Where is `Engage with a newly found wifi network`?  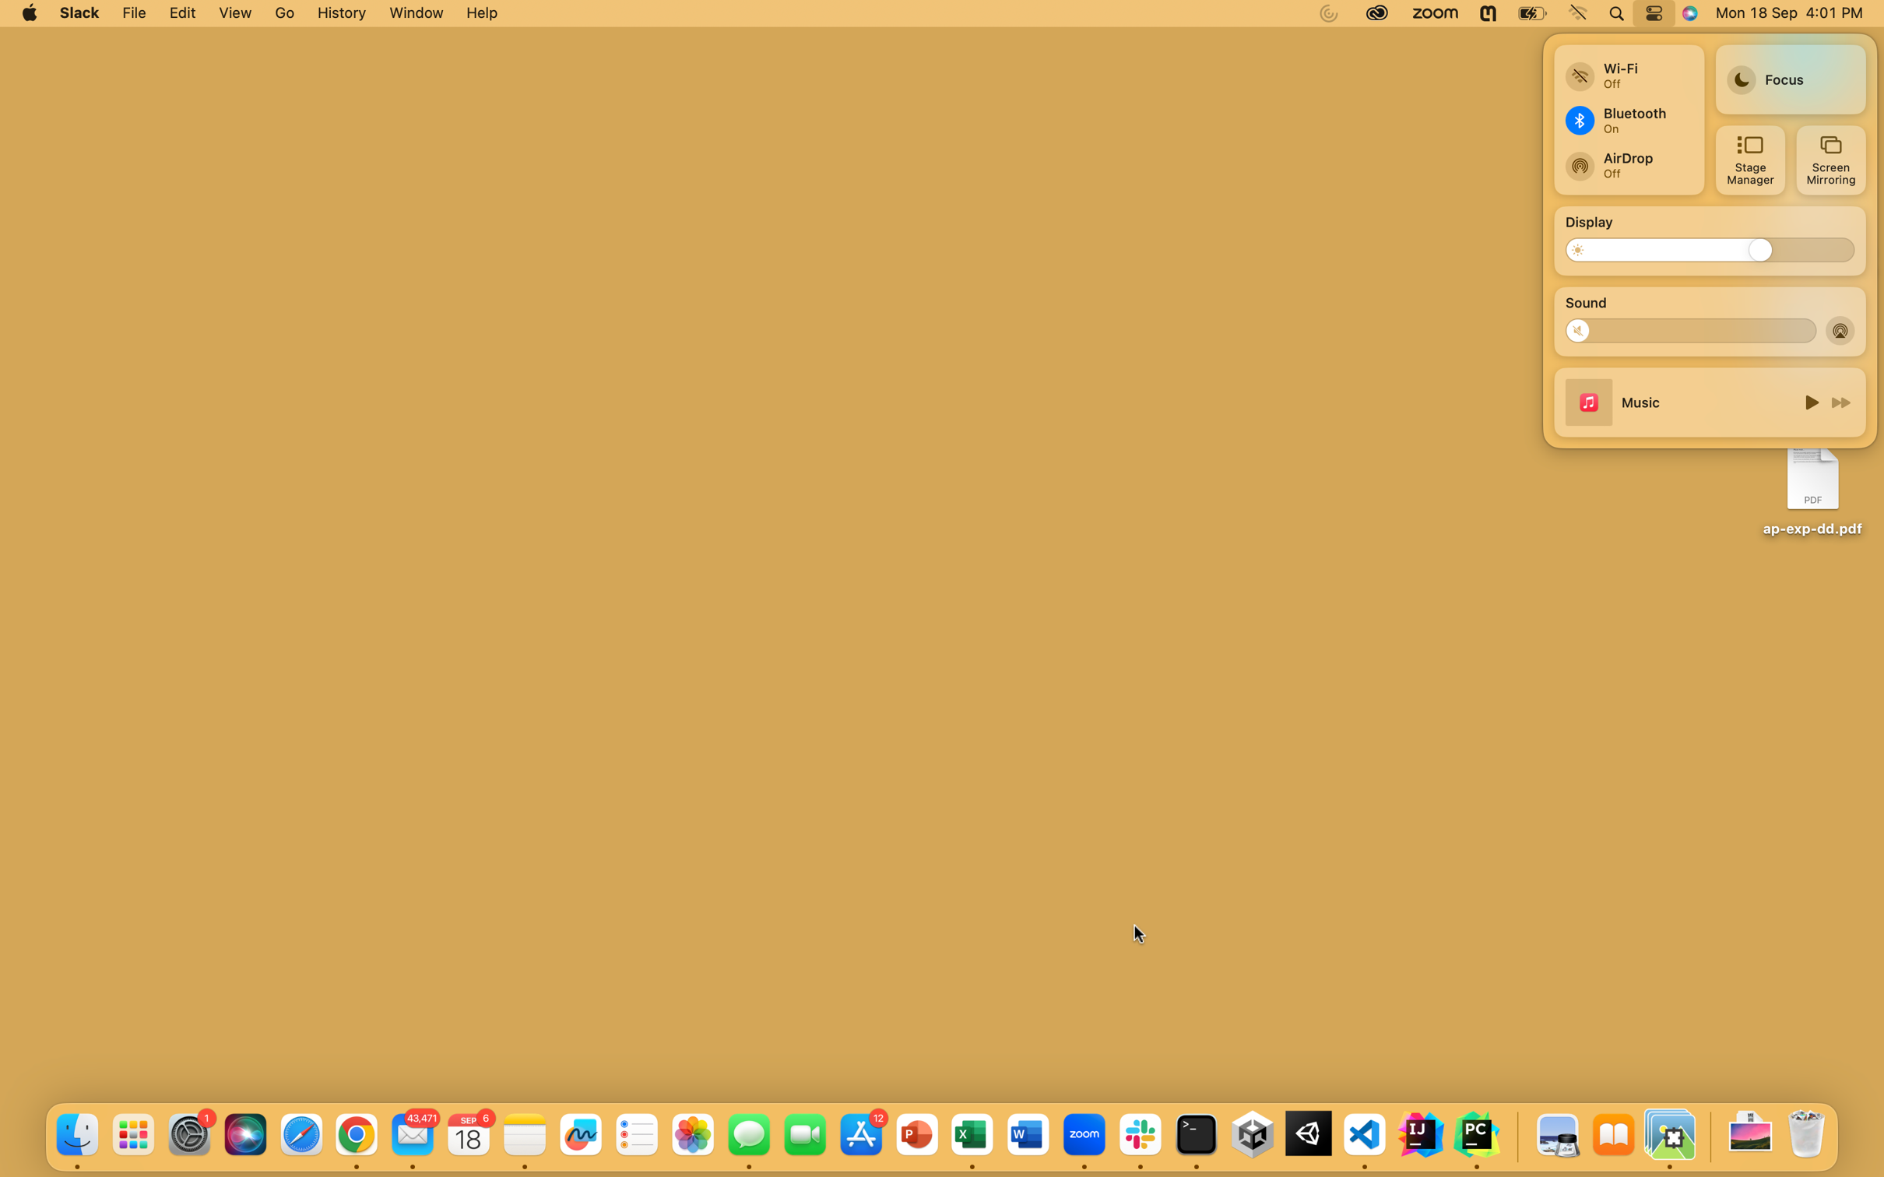
Engage with a newly found wifi network is located at coordinates (1627, 69).